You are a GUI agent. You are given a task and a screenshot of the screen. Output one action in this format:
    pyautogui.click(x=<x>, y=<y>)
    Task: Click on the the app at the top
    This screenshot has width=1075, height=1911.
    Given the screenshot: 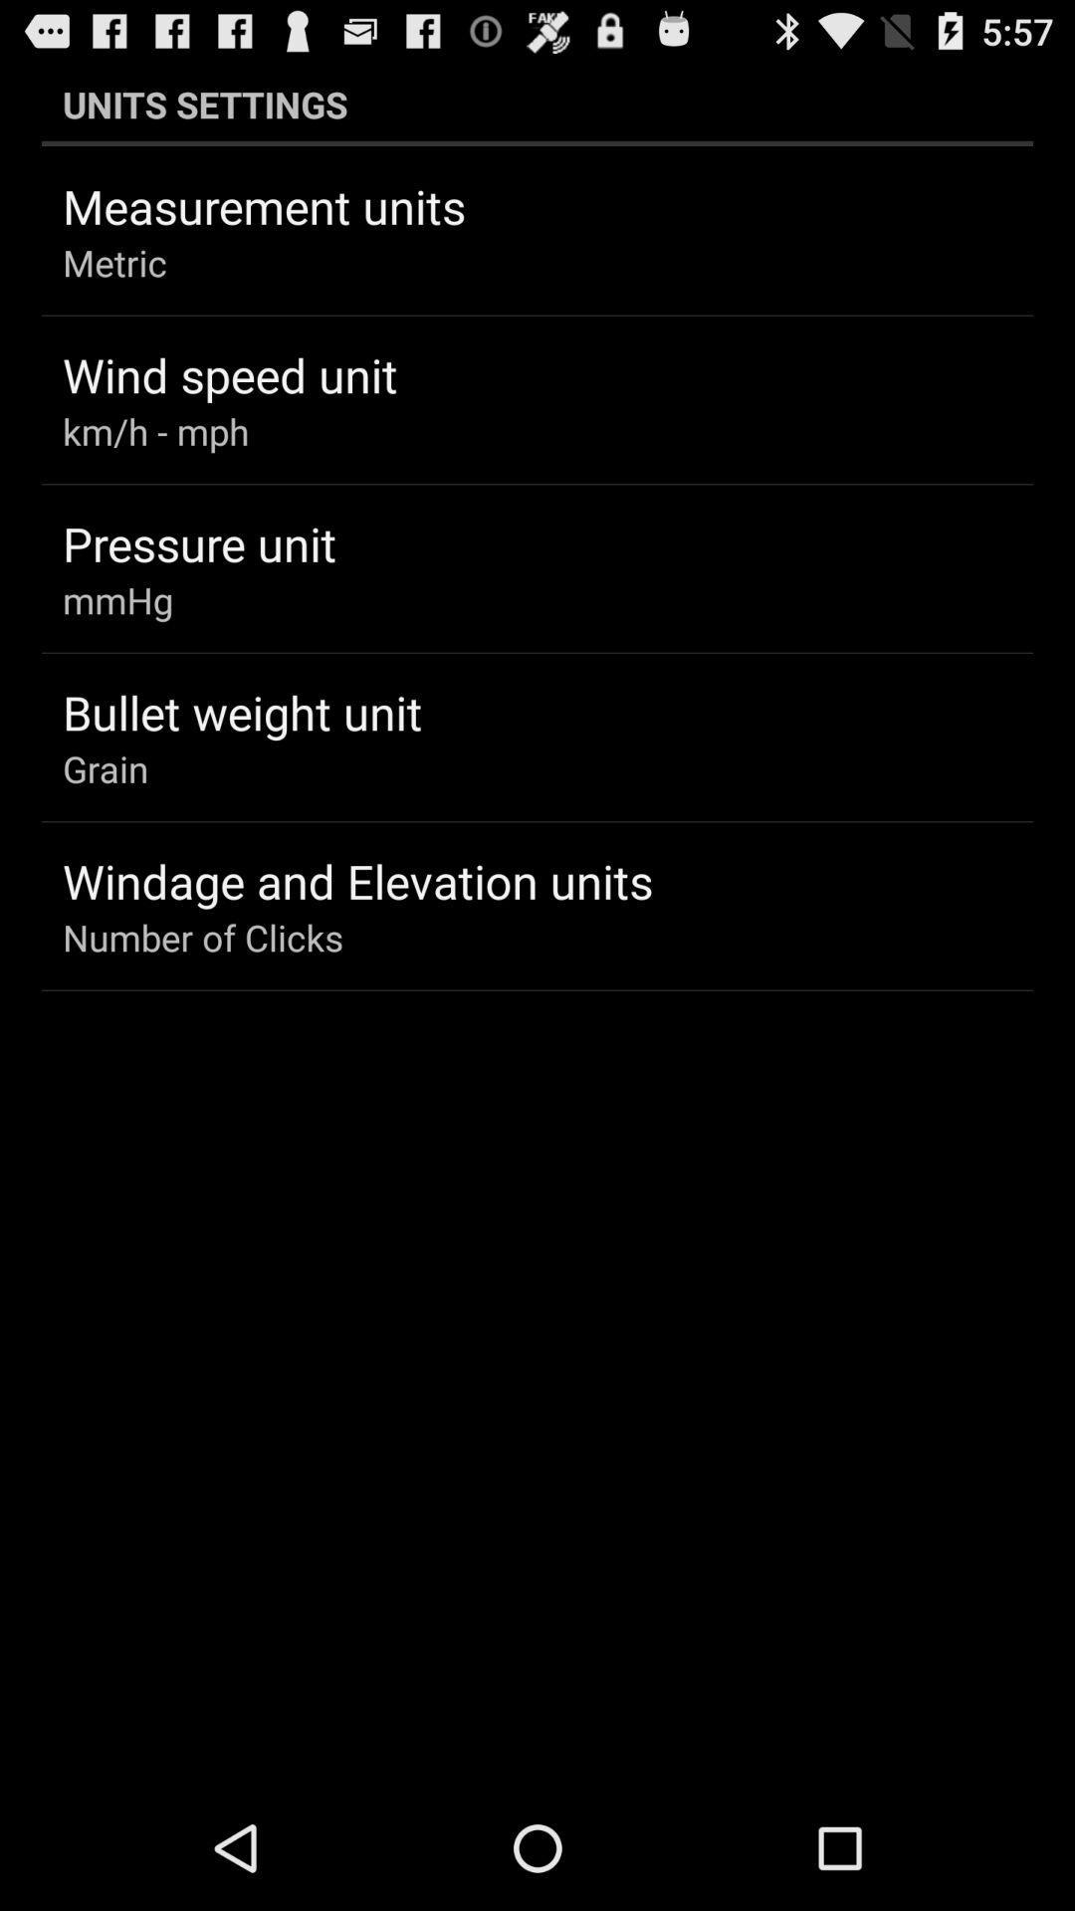 What is the action you would take?
    pyautogui.click(x=537, y=104)
    